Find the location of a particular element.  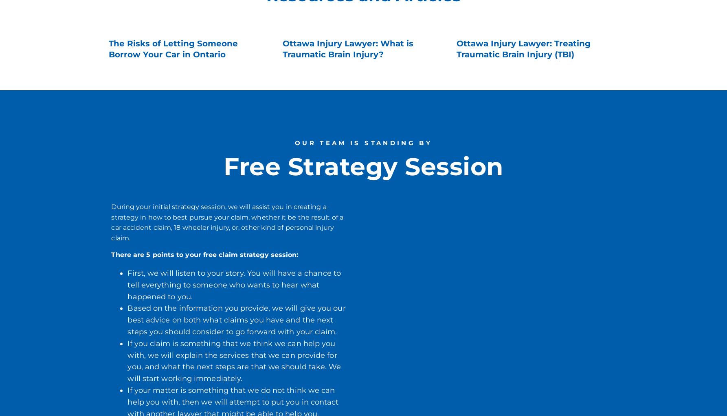

'Ottawa Injury Lawyer: What is Traumatic Brain Injury?' is located at coordinates (348, 48).